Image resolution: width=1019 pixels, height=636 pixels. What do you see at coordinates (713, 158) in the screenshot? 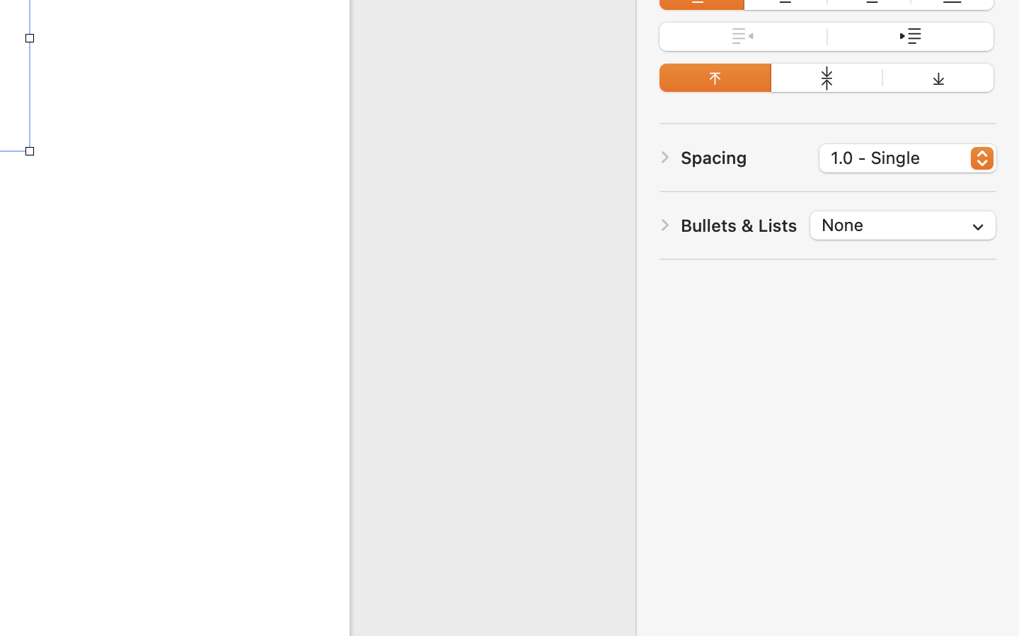
I see `'Spacing'` at bounding box center [713, 158].